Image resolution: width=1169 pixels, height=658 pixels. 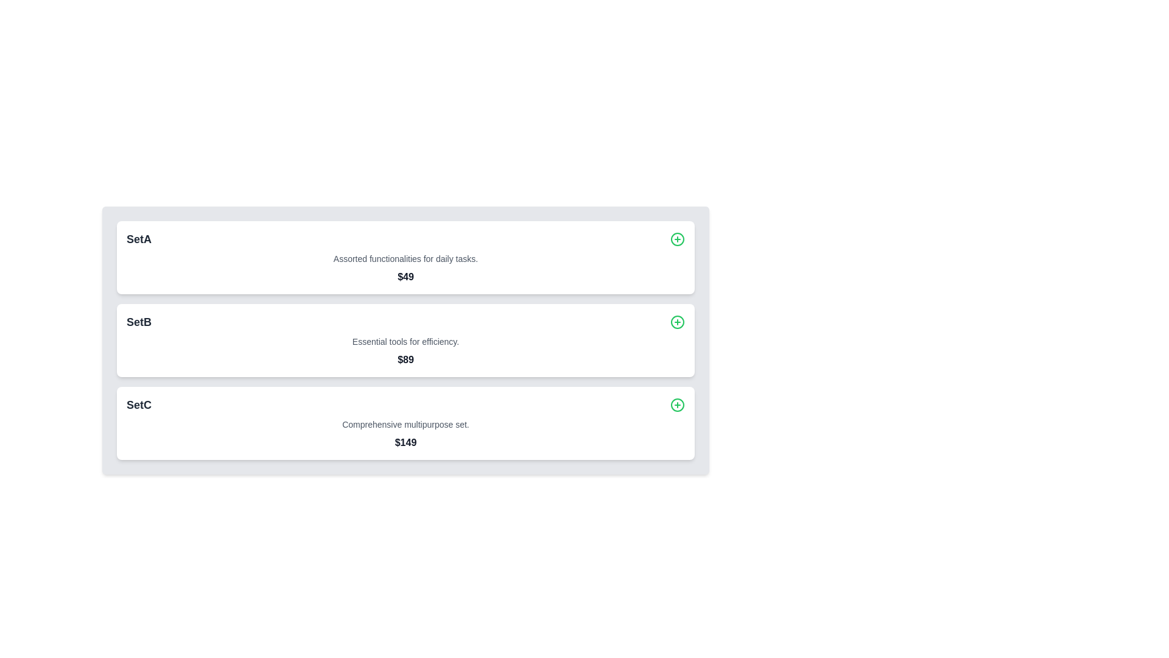 What do you see at coordinates (405, 359) in the screenshot?
I see `price displayed as '$89' in bold dark gray font, located centrally at the bottom of the 'SetB' card below the descriptive text 'Essential tools for efficiency.'` at bounding box center [405, 359].